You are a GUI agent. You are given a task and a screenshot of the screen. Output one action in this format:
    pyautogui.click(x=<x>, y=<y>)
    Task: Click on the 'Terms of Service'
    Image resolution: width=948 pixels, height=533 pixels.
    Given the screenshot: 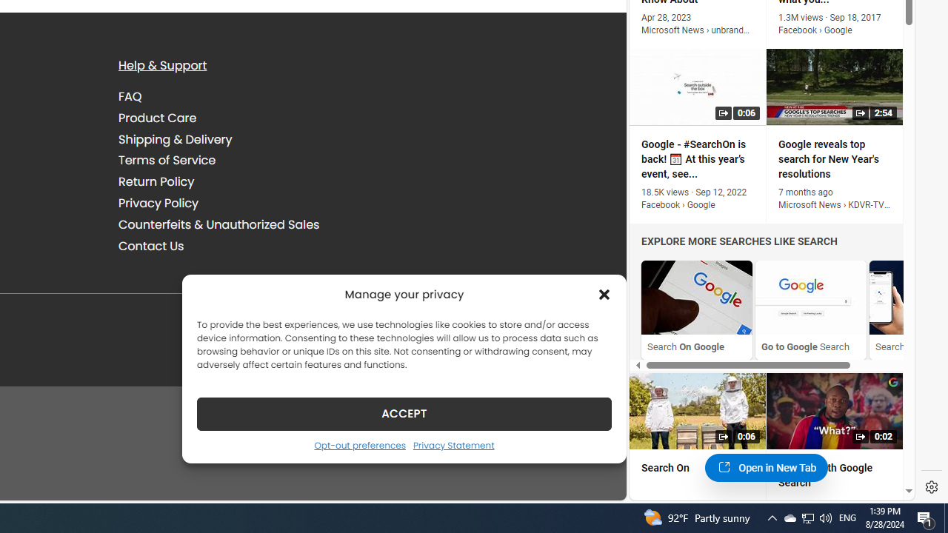 What is the action you would take?
    pyautogui.click(x=167, y=161)
    